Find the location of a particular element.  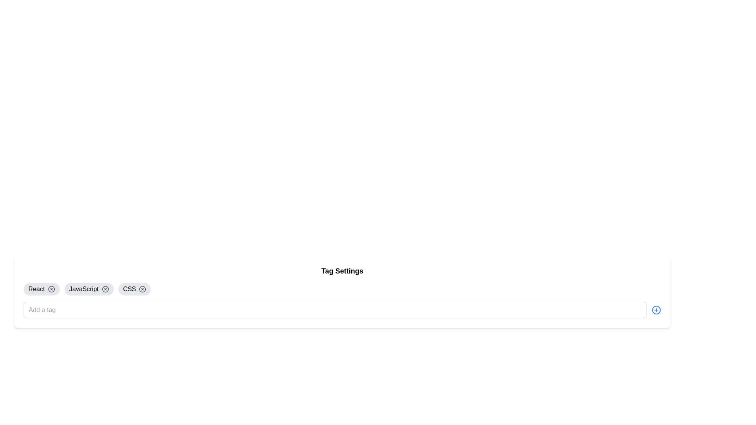

the 'React' text label, which is the leftmost tag in a horizontal row of tags is located at coordinates (36, 289).